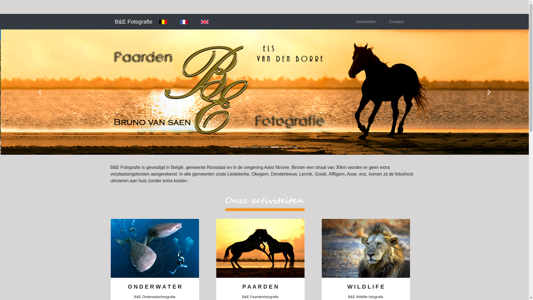  What do you see at coordinates (366, 21) in the screenshot?
I see `'Activiteiten'` at bounding box center [366, 21].